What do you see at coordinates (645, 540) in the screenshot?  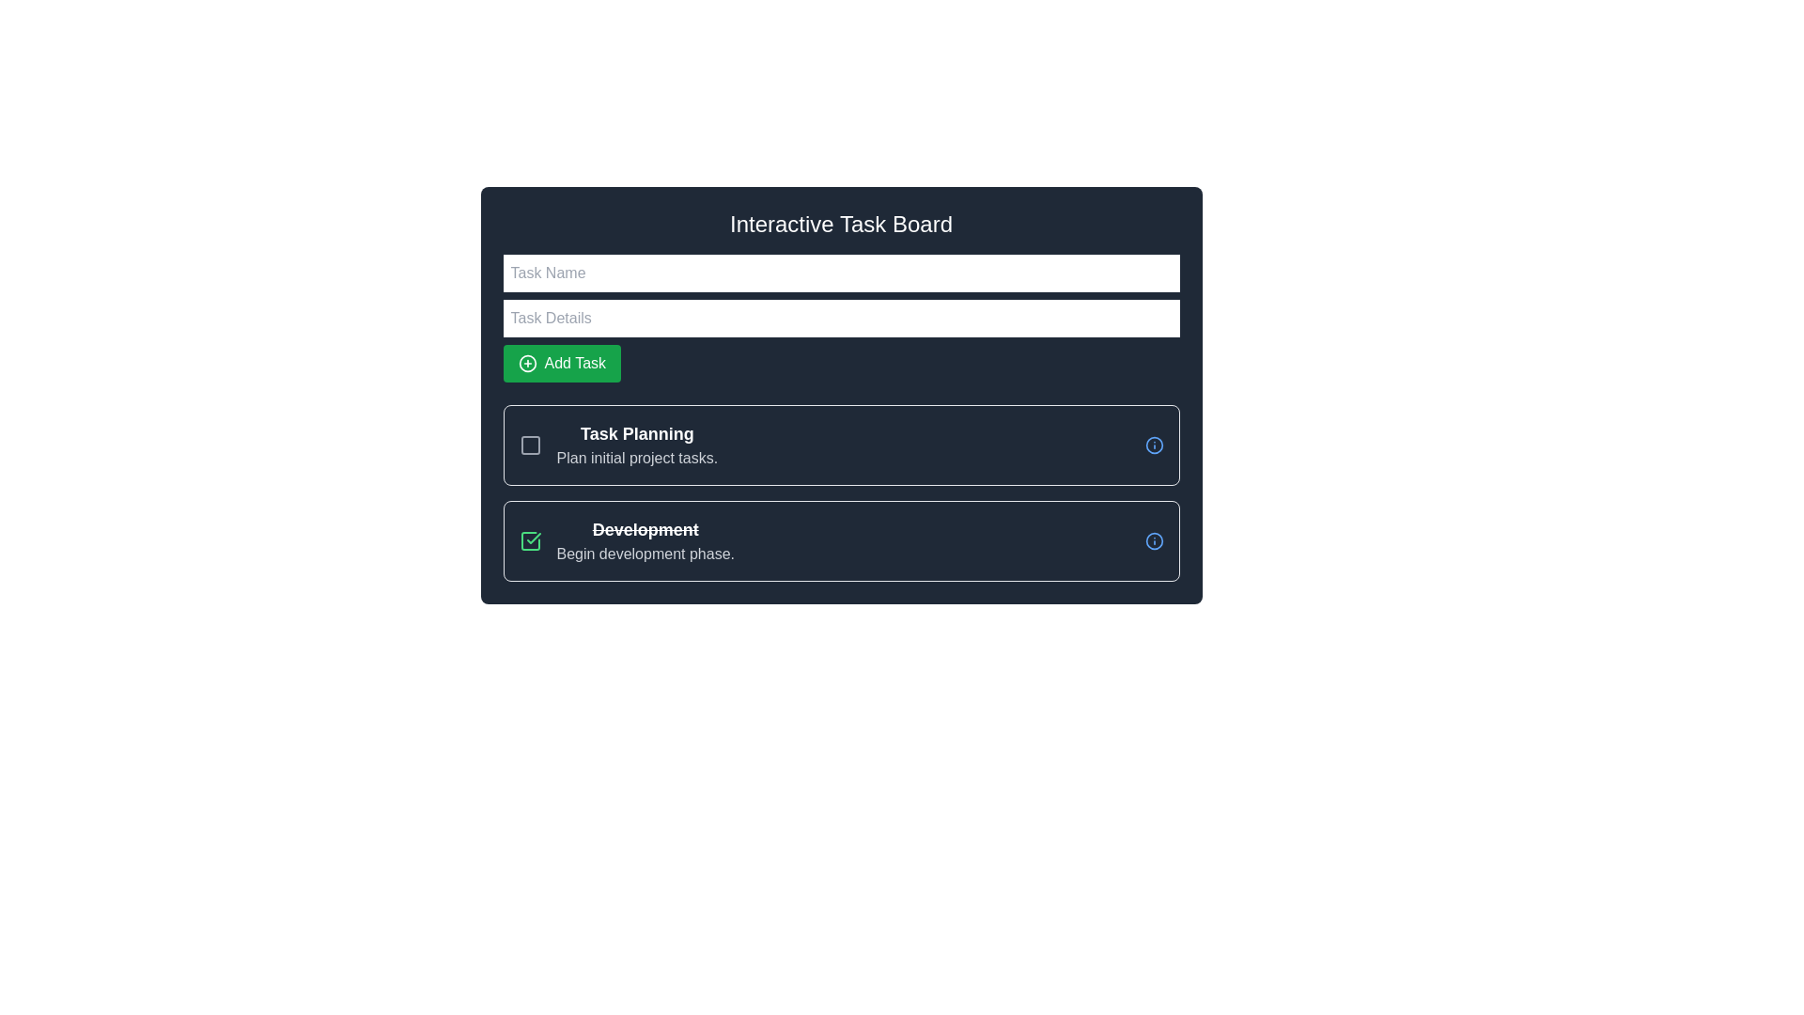 I see `the static text content displaying the task title 'Development' and its sub-text 'Begin development phase.' located in the second task row beneath the 'Task Planning' section` at bounding box center [645, 540].